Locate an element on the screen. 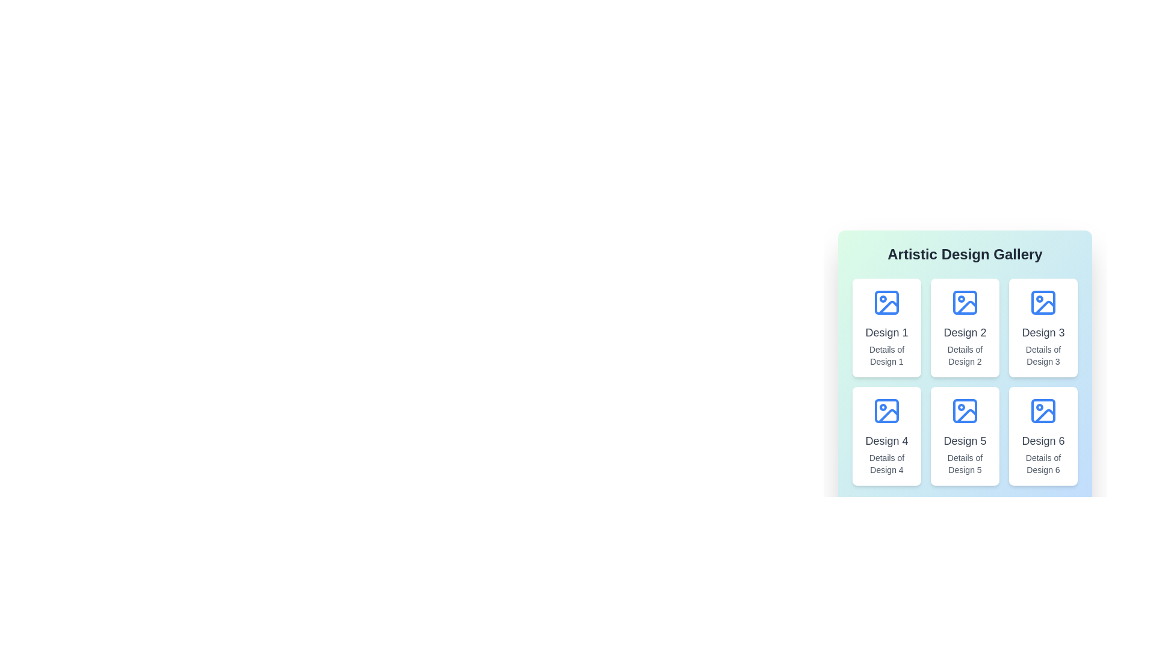  the decorative graphical element which is a subcomponent of the larger icon in the first card of the 'Artistic Design Gallery' located in the top-left corner of the gallery grid is located at coordinates (887, 302).